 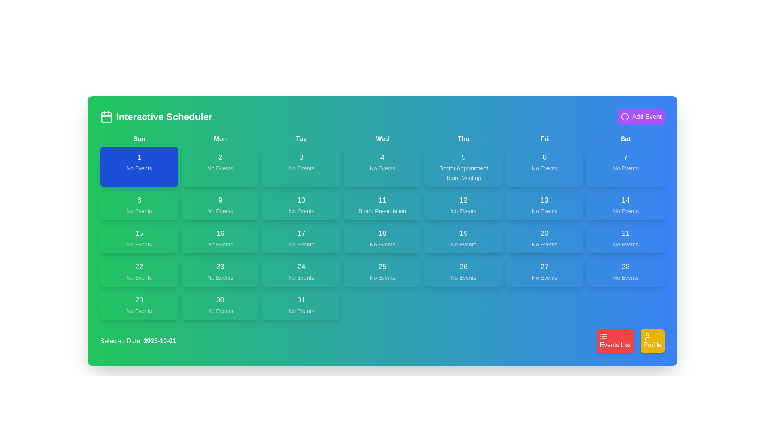 I want to click on the header label representing 'Sunday' in the weekly calendar view, which is positioned at the top-left corner among the day labels, so click(x=139, y=139).